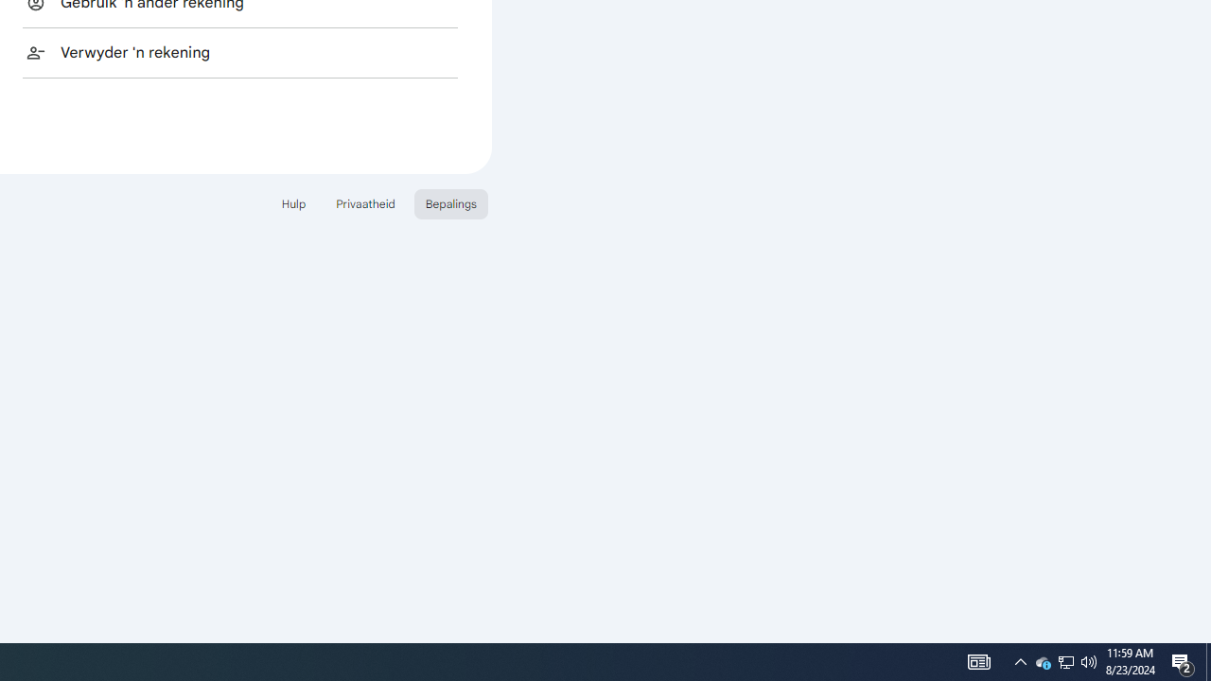 The width and height of the screenshot is (1211, 681). I want to click on 'Verwyder ', so click(239, 51).